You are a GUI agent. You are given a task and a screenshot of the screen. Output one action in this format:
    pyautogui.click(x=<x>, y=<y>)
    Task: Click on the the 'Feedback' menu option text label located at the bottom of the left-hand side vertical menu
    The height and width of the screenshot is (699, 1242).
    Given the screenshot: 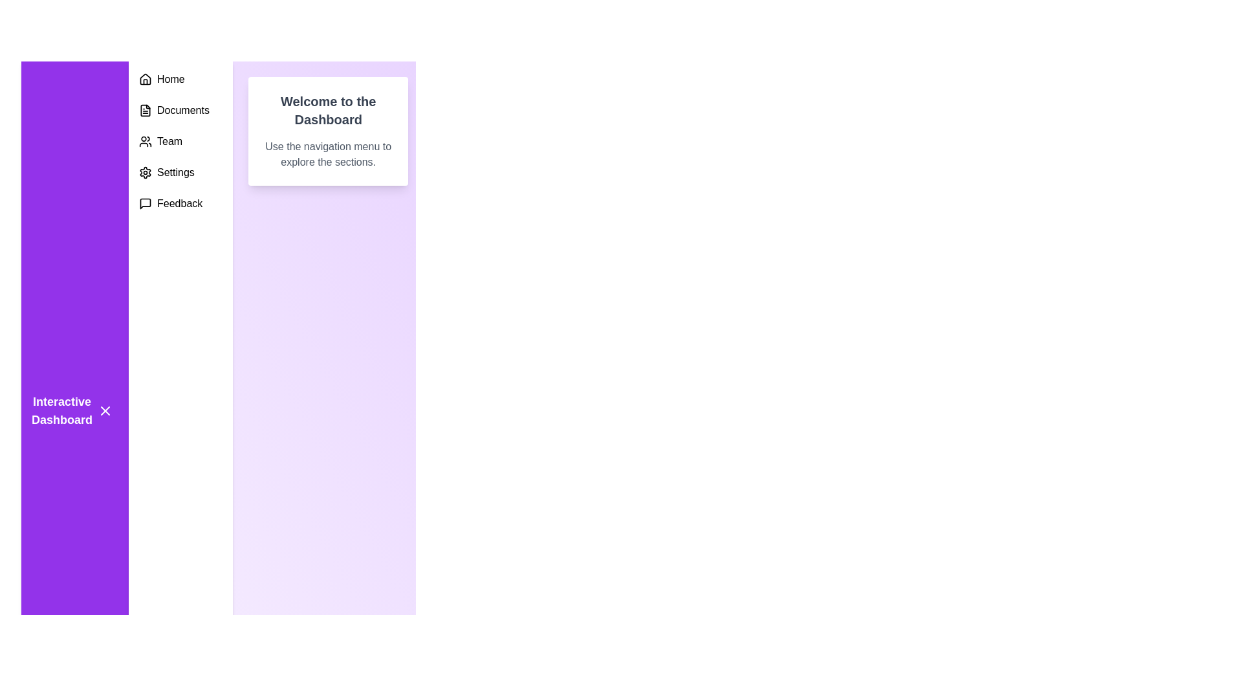 What is the action you would take?
    pyautogui.click(x=179, y=204)
    